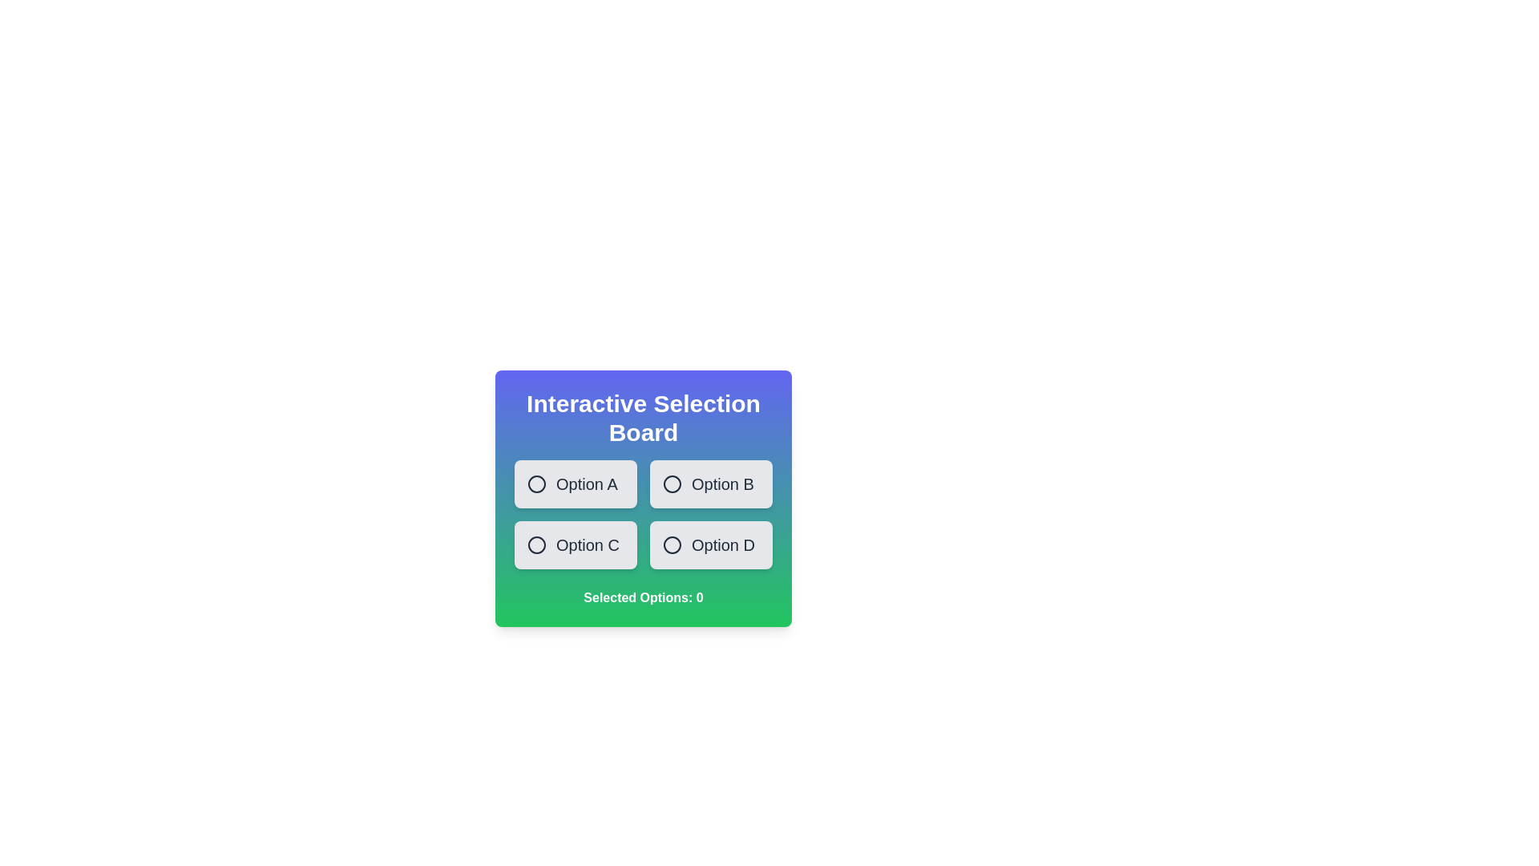 The image size is (1539, 866). Describe the element at coordinates (576, 544) in the screenshot. I see `the option Option C to observe the visual feedback` at that location.